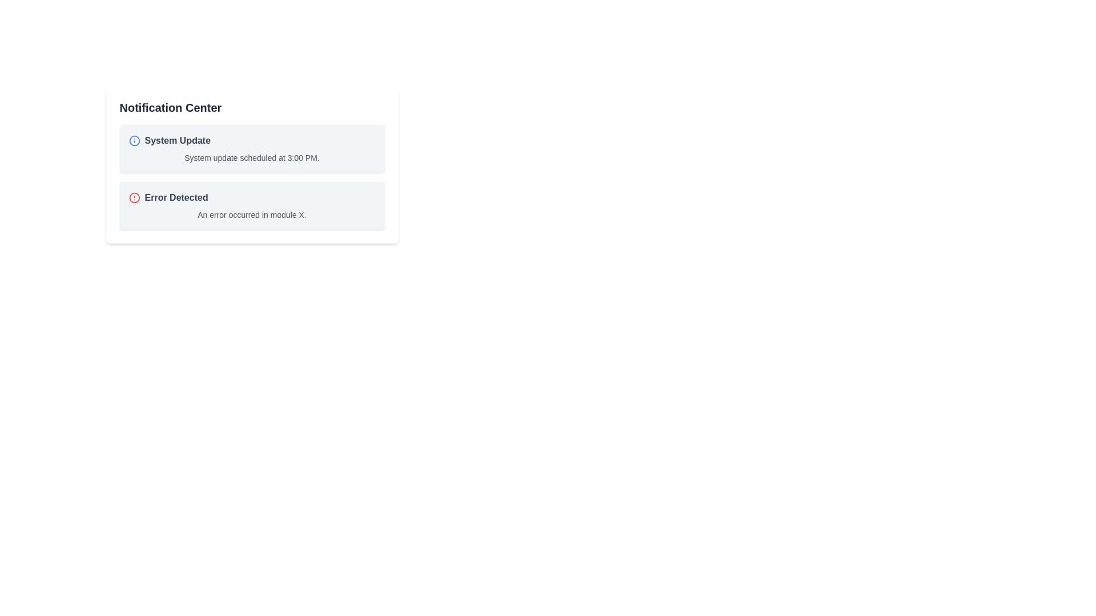 The image size is (1096, 616). What do you see at coordinates (251, 158) in the screenshot?
I see `the textual message 'System update scheduled at 3:00 PM.' located in the 'System Update' section` at bounding box center [251, 158].